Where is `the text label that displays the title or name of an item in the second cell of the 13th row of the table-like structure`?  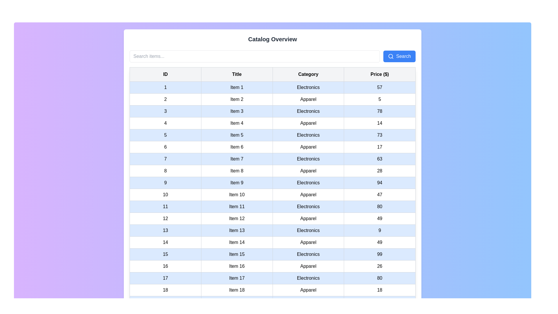
the text label that displays the title or name of an item in the second cell of the 13th row of the table-like structure is located at coordinates (237, 230).